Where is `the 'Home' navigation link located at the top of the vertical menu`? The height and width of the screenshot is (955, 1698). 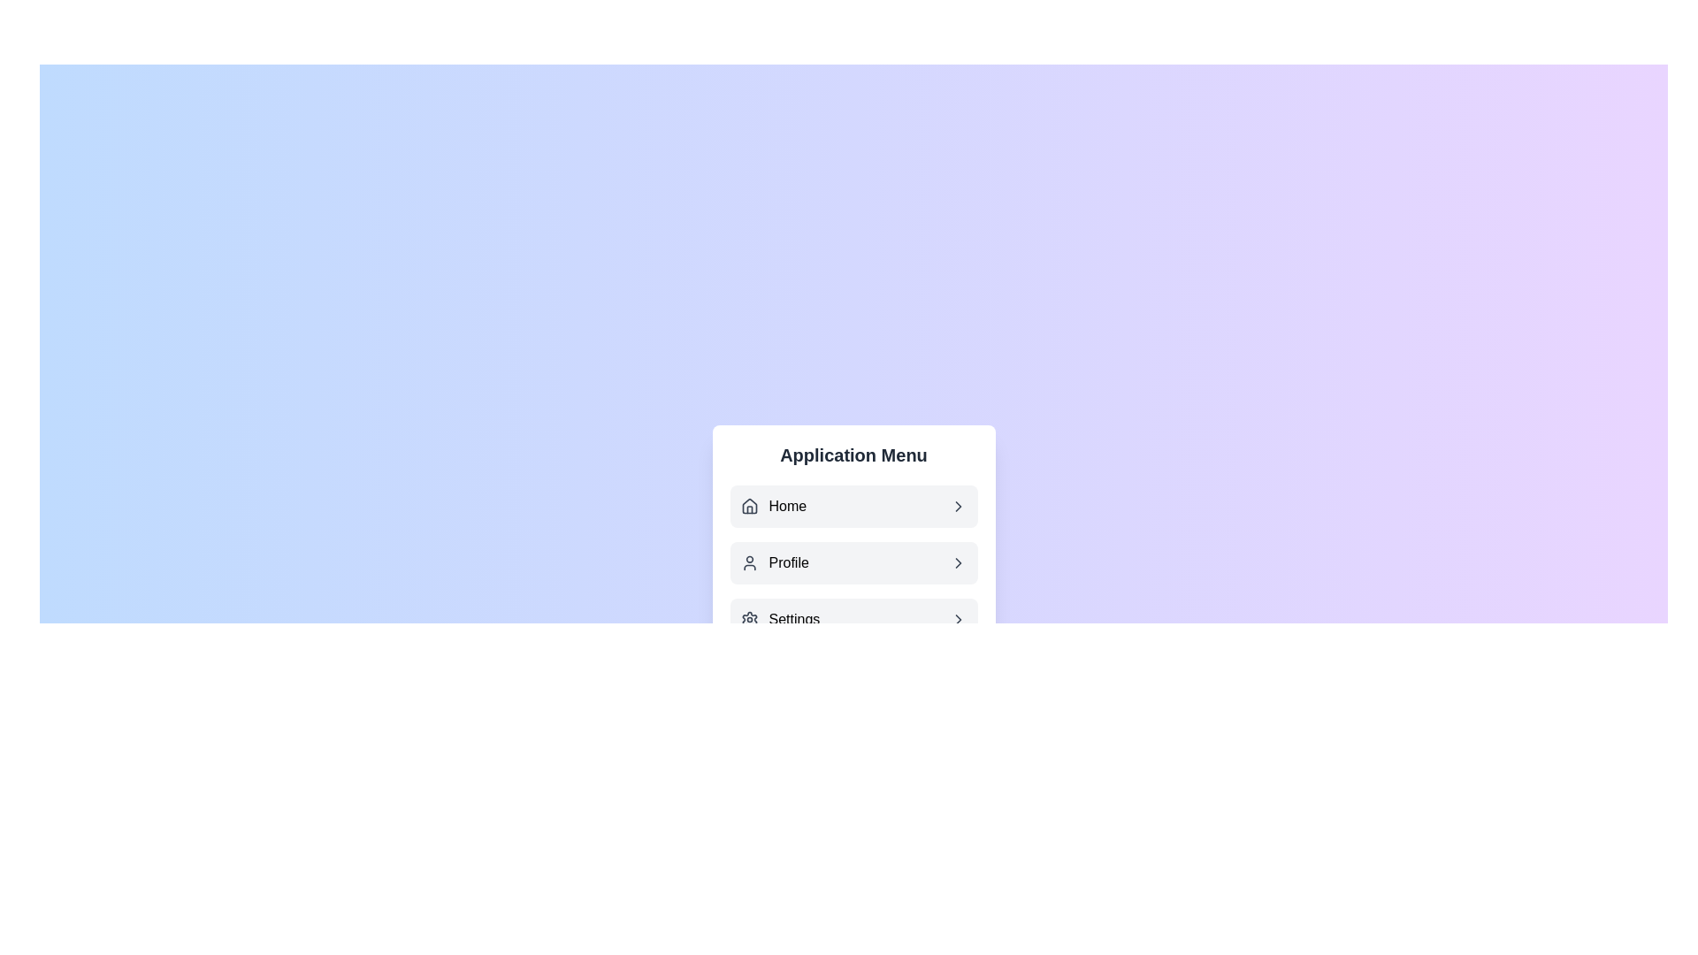 the 'Home' navigation link located at the top of the vertical menu is located at coordinates (773, 507).